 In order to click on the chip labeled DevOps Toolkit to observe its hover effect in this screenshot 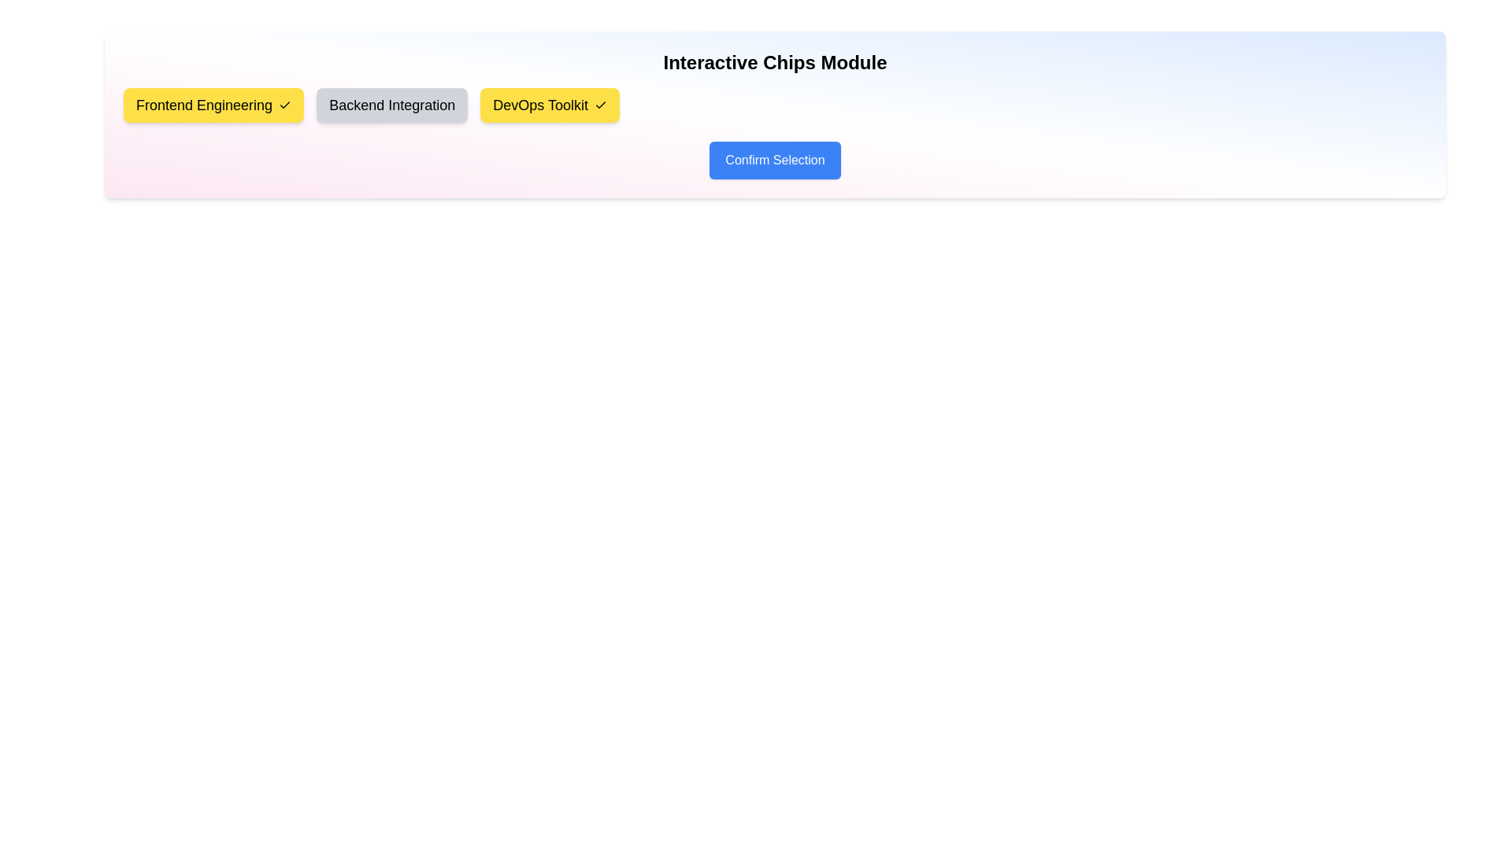, I will do `click(550, 105)`.